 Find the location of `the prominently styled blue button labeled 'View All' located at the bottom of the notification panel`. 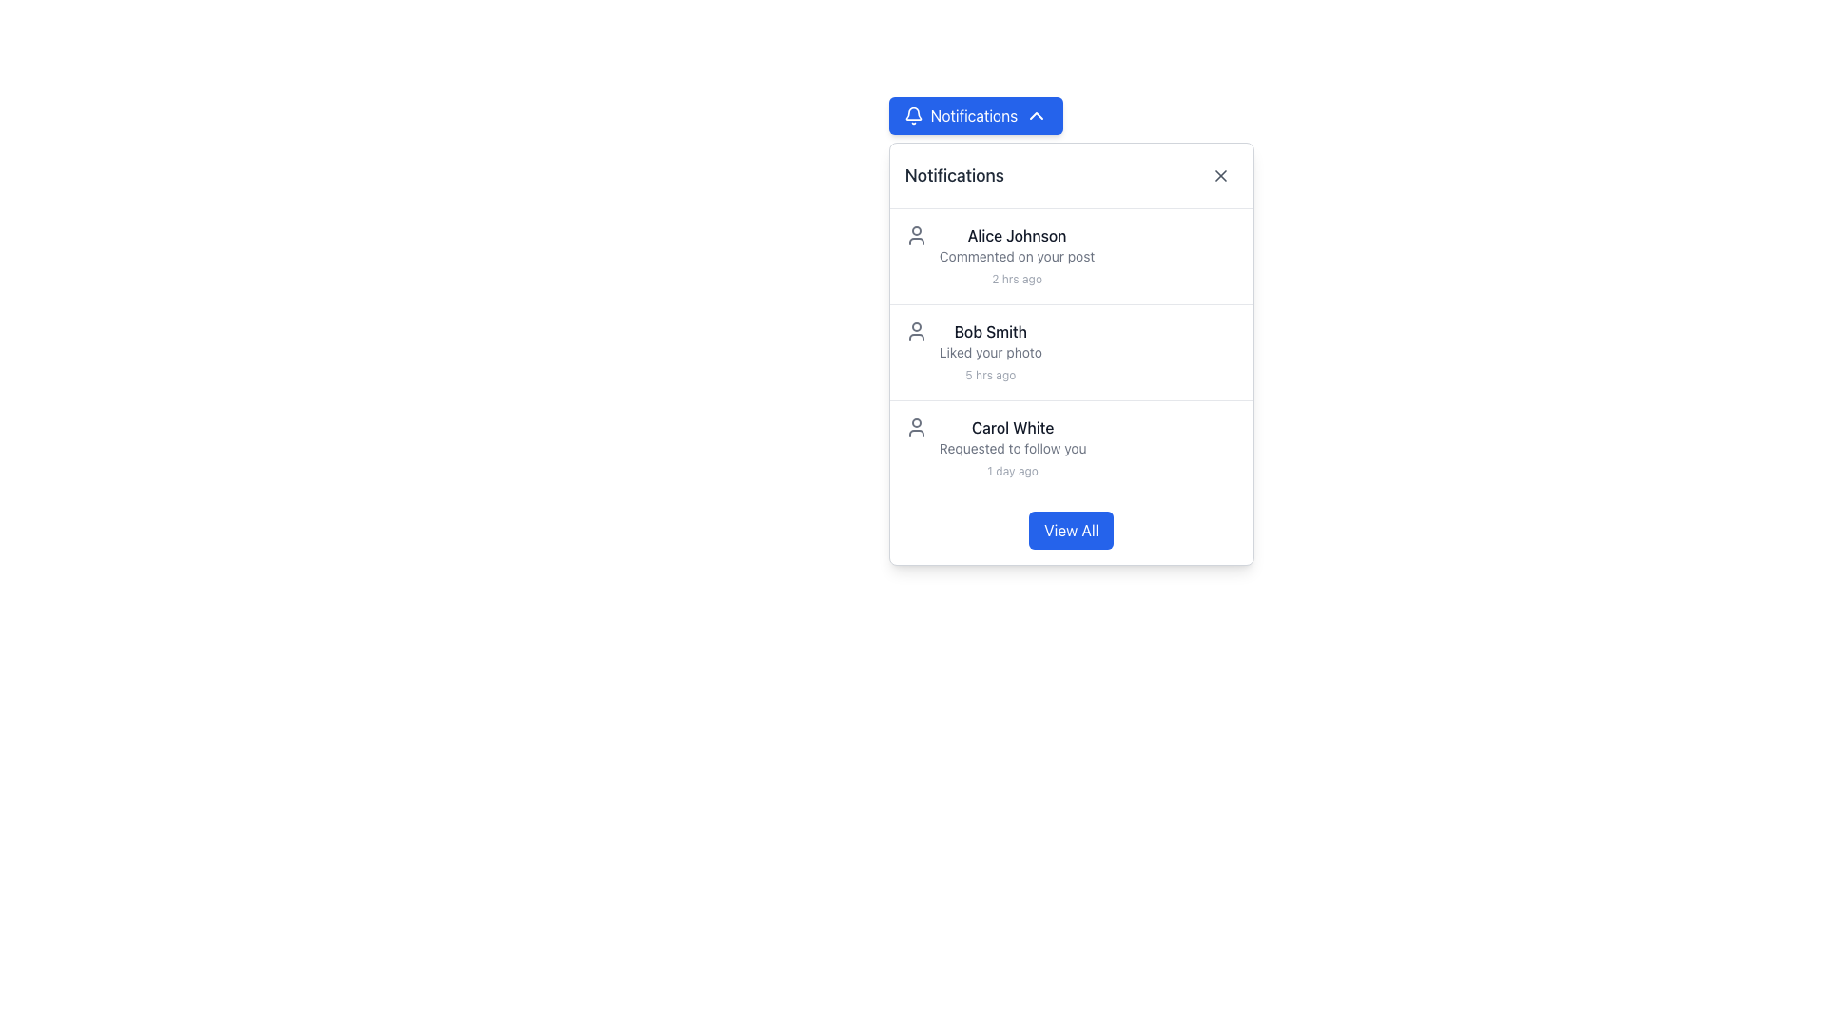

the prominently styled blue button labeled 'View All' located at the bottom of the notification panel is located at coordinates (1071, 531).